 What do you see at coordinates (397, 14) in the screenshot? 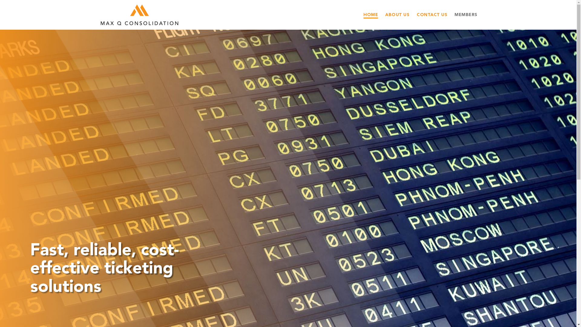
I see `'ABOUT US'` at bounding box center [397, 14].